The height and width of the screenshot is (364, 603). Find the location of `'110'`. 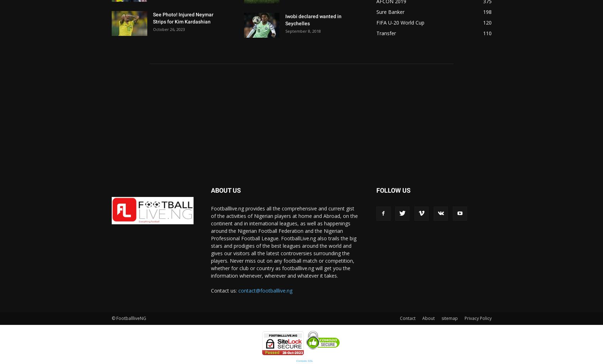

'110' is located at coordinates (483, 33).